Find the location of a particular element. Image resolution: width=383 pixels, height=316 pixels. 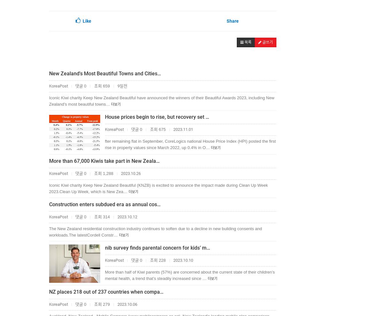

'Iconic Kiwi charity Keep New Zealand Beautiful (KNZB) is excited to announce the impact made during Clean Up Week 2023.Clean Up Week, which is New Zea…' is located at coordinates (158, 188).